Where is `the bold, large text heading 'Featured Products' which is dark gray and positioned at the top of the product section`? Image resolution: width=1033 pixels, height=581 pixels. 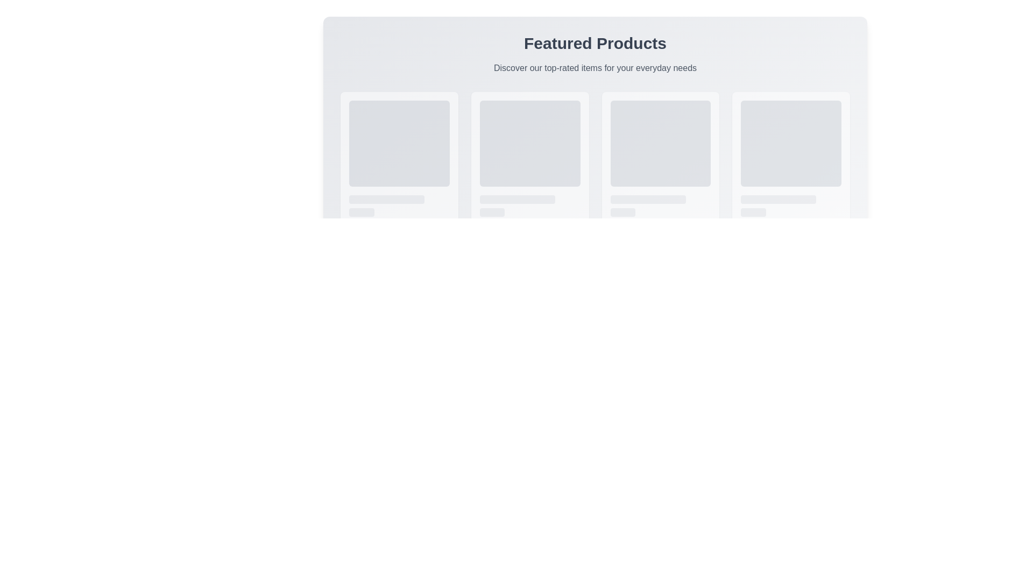
the bold, large text heading 'Featured Products' which is dark gray and positioned at the top of the product section is located at coordinates (595, 43).